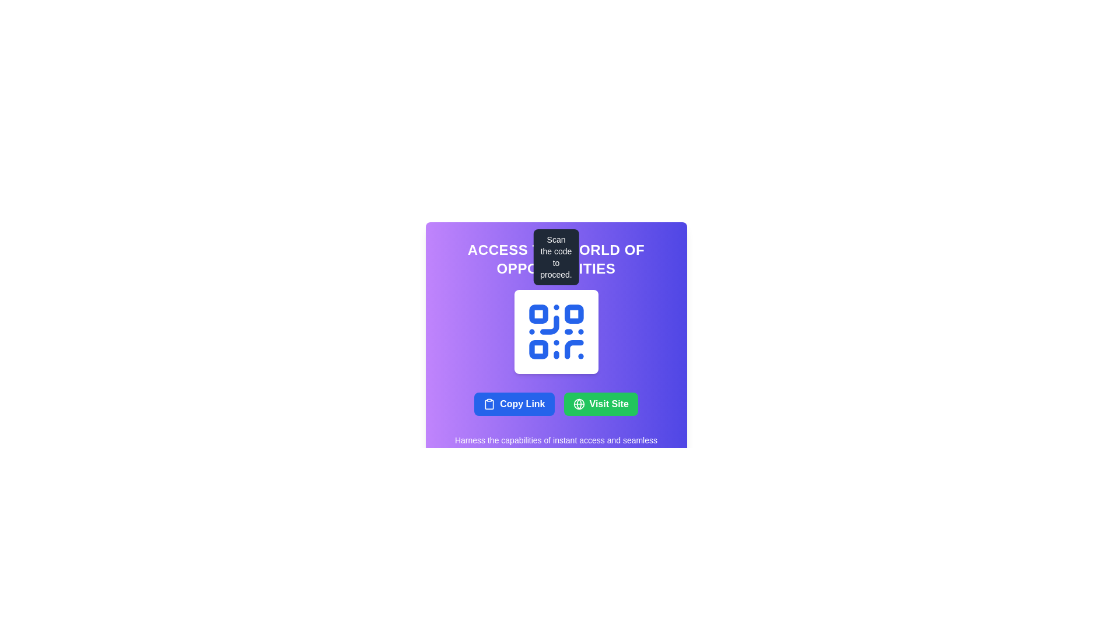  What do you see at coordinates (555, 256) in the screenshot?
I see `text of the informational tooltip located above the QR code, which provides guidance related to it` at bounding box center [555, 256].